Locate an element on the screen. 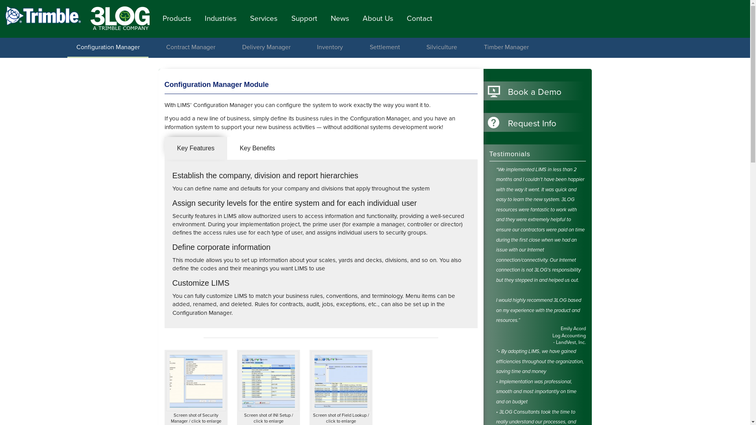 Image resolution: width=756 pixels, height=425 pixels. 'Contact' is located at coordinates (419, 18).